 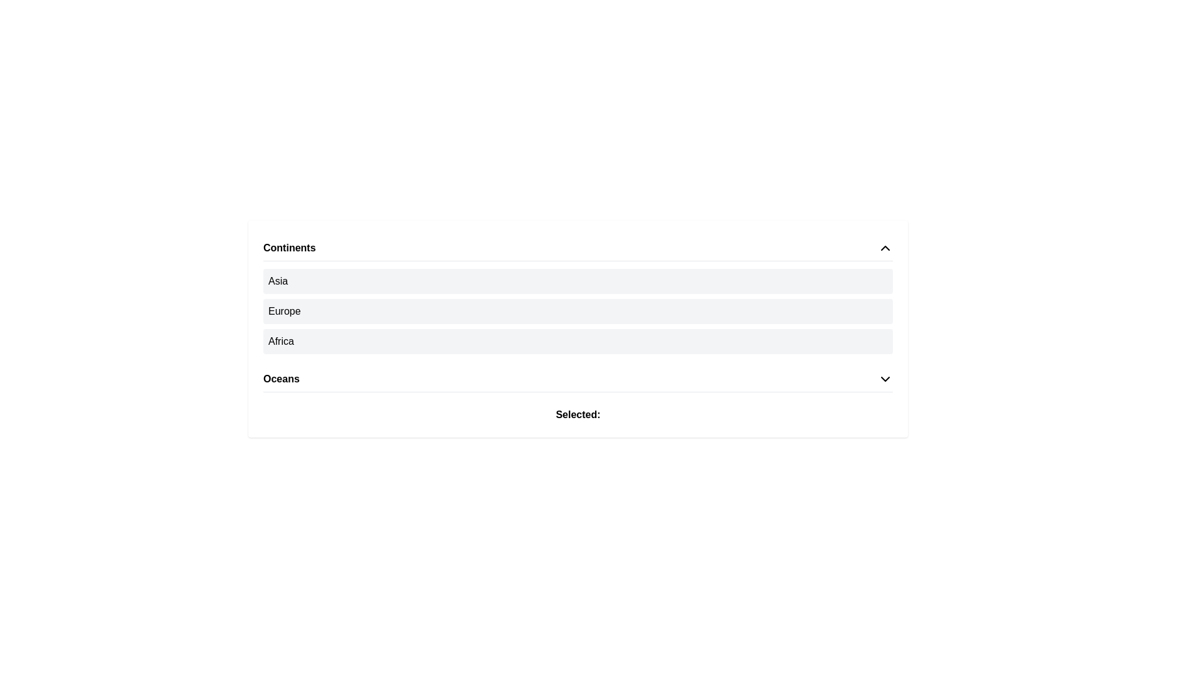 What do you see at coordinates (577, 341) in the screenshot?
I see `the list item representing the 'Africa' continent, which is the third option in the vertical list titled 'Continents.'` at bounding box center [577, 341].